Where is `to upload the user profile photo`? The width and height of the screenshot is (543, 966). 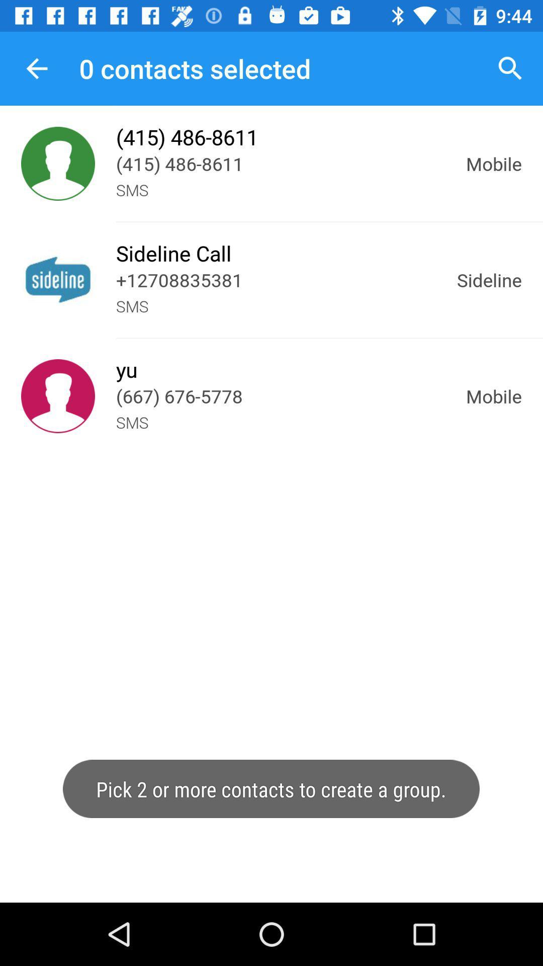 to upload the user profile photo is located at coordinates (58, 164).